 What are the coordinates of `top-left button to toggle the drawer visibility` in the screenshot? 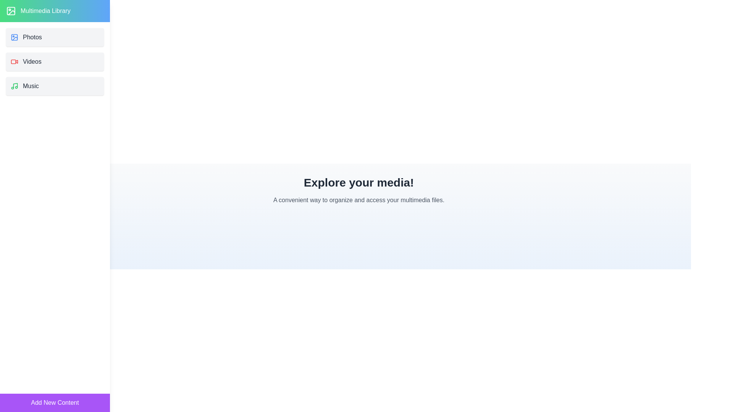 It's located at (16, 16).